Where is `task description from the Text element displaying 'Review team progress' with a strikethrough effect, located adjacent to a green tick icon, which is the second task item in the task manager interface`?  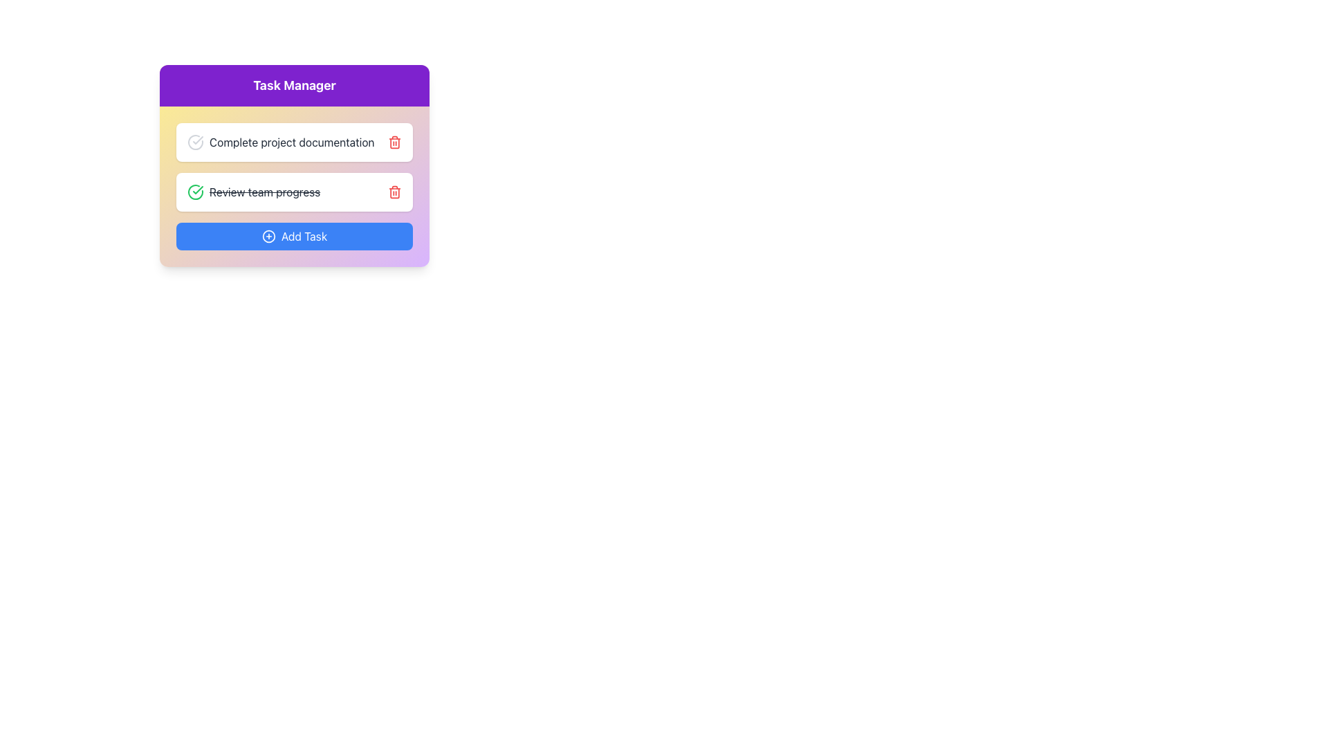
task description from the Text element displaying 'Review team progress' with a strikethrough effect, located adjacent to a green tick icon, which is the second task item in the task manager interface is located at coordinates (254, 192).